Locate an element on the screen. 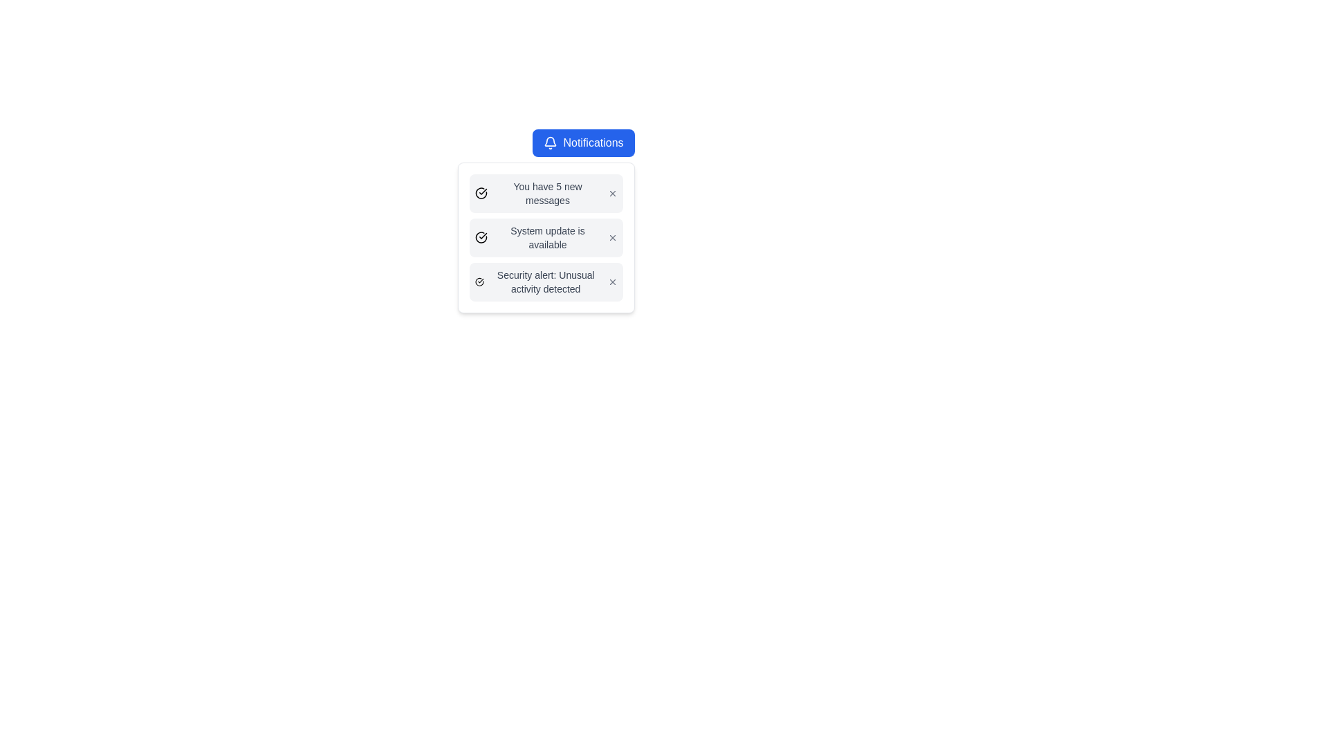  the notification entry displaying 'System update is available' is located at coordinates (545, 237).